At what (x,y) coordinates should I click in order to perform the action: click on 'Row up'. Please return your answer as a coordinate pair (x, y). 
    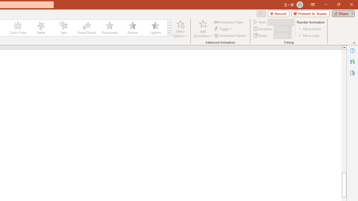
    Looking at the image, I should click on (169, 22).